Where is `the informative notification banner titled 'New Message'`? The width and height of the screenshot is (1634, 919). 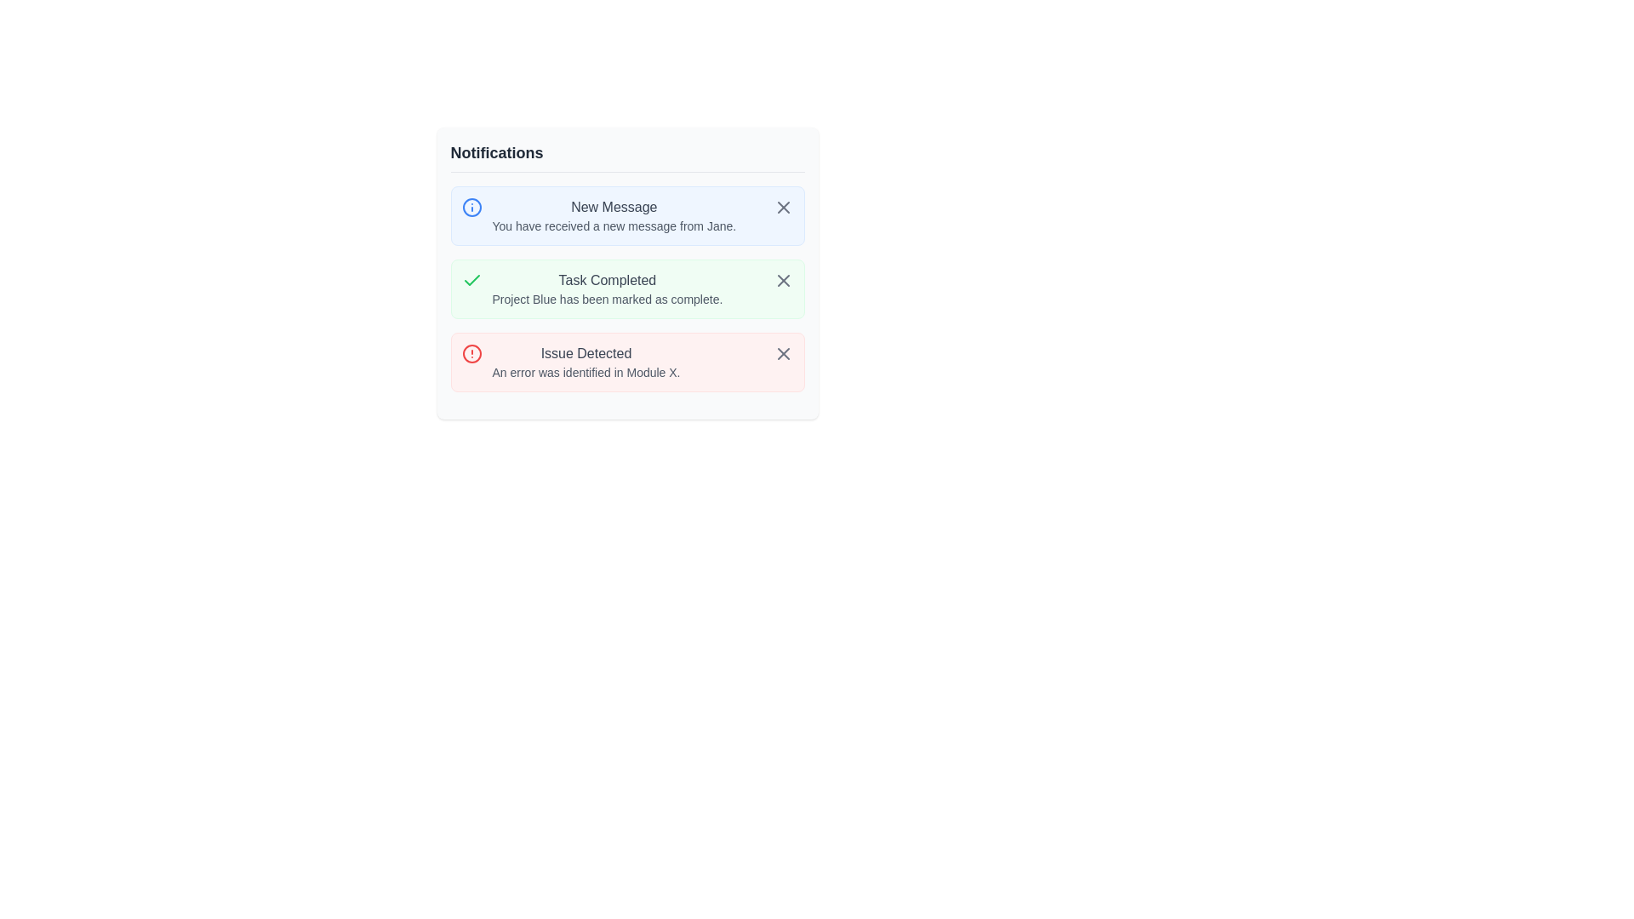
the informative notification banner titled 'New Message' is located at coordinates (613, 215).